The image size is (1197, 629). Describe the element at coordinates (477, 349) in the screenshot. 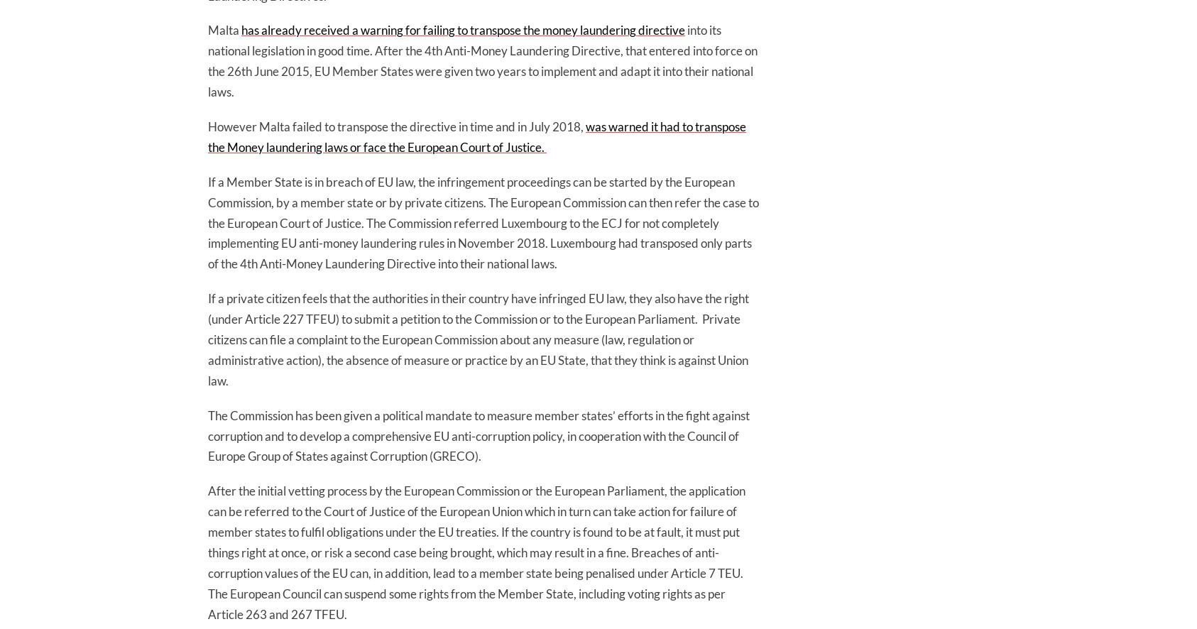

I see `'Private citizens can file a complaint to the European Commission about any measure (law, regulation or administrative action), the absence of measure or practice by an EU State, that they think is against Union law.'` at that location.